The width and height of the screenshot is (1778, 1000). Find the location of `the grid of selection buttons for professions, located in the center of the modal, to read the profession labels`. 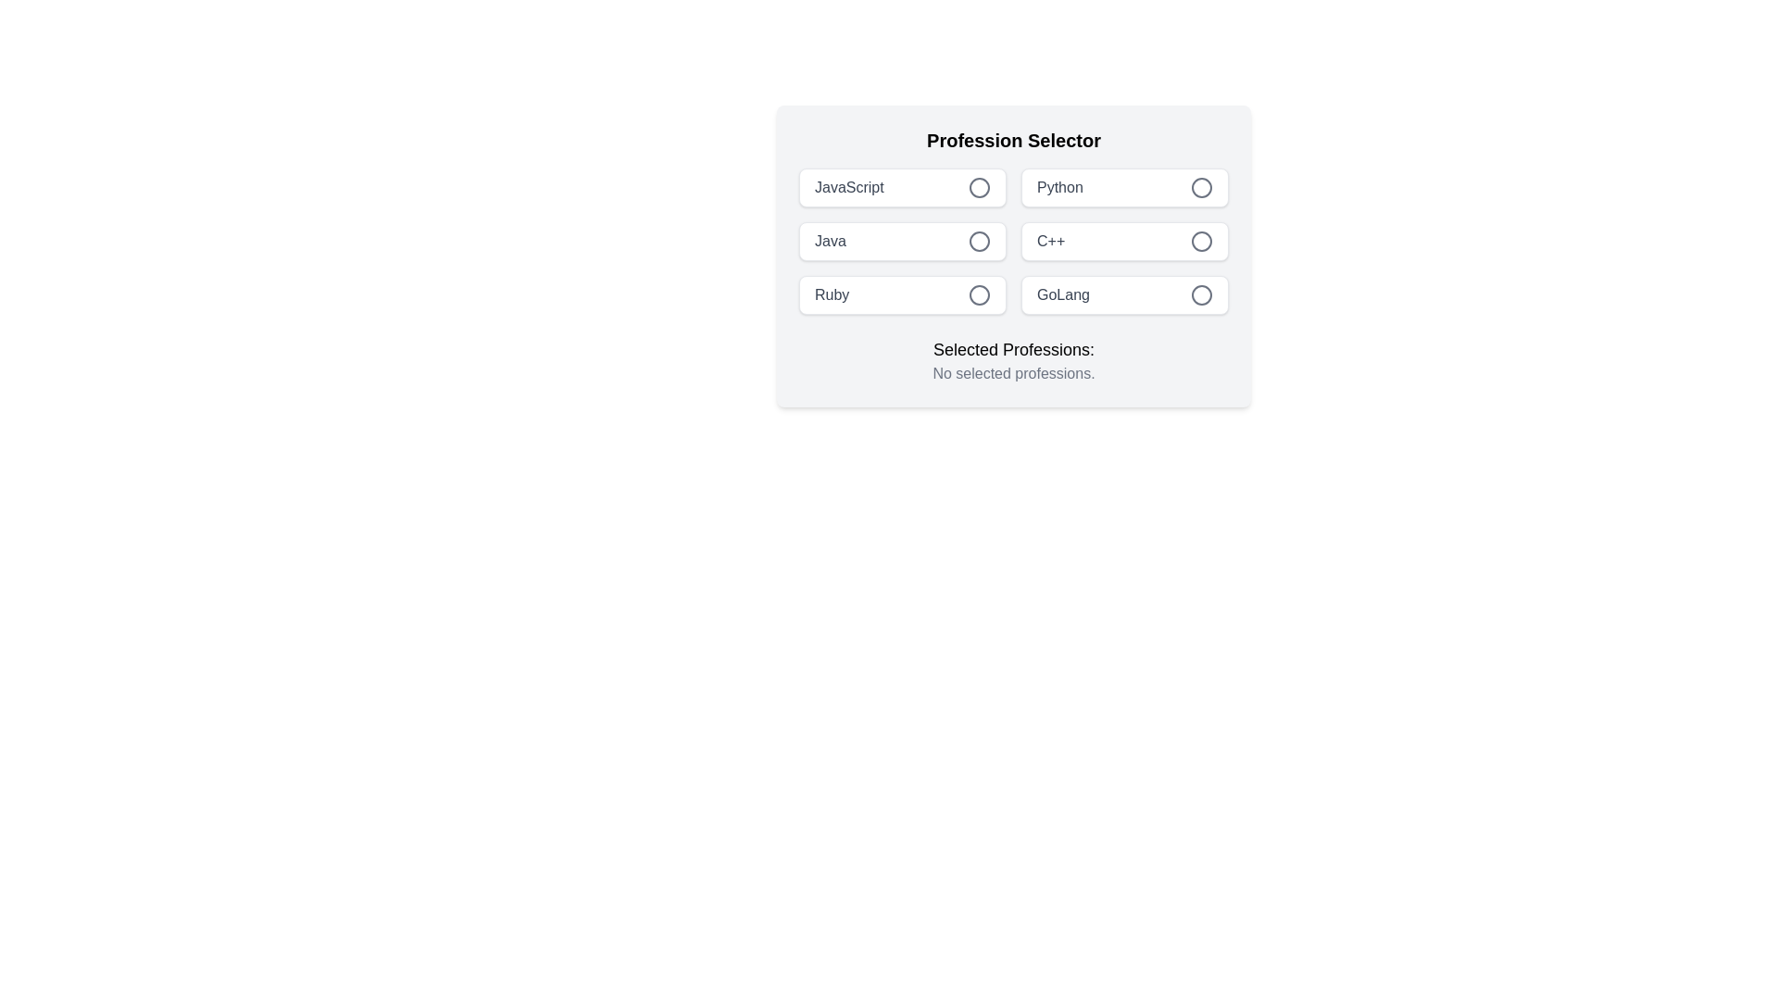

the grid of selection buttons for professions, located in the center of the modal, to read the profession labels is located at coordinates (1012, 256).